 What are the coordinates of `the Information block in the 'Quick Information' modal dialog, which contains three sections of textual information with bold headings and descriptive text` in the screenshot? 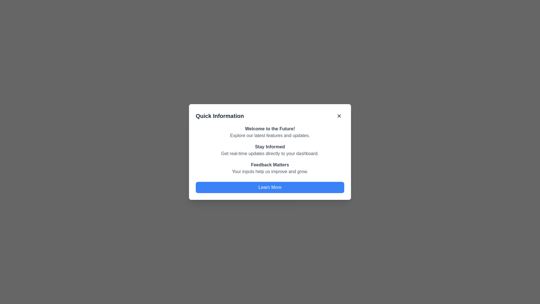 It's located at (270, 150).